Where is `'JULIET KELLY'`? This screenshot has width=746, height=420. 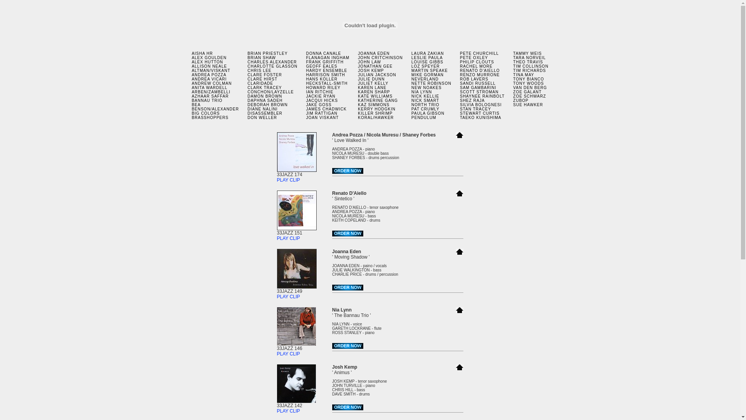 'JULIET KELLY' is located at coordinates (373, 83).